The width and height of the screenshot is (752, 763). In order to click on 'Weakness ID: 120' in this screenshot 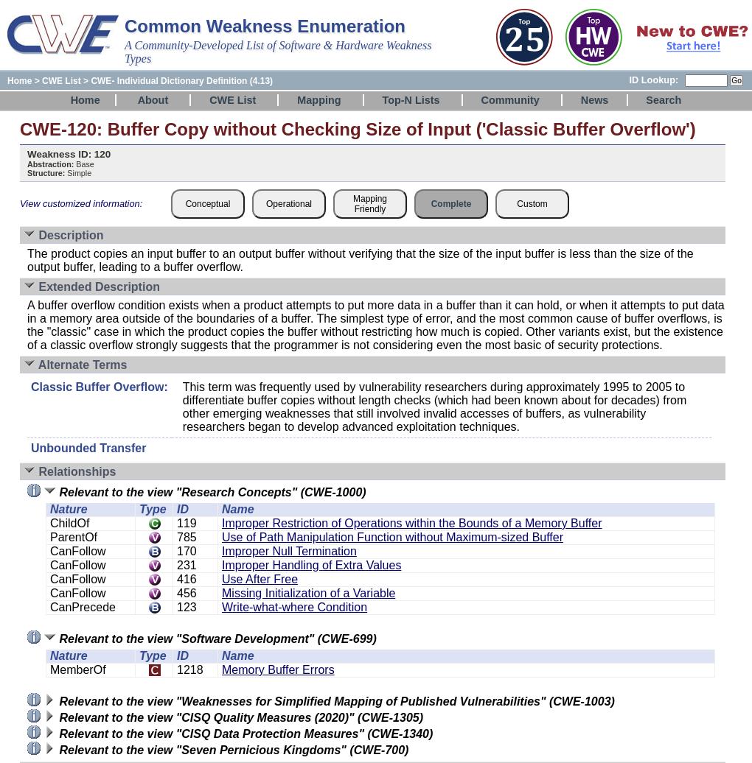, I will do `click(27, 154)`.